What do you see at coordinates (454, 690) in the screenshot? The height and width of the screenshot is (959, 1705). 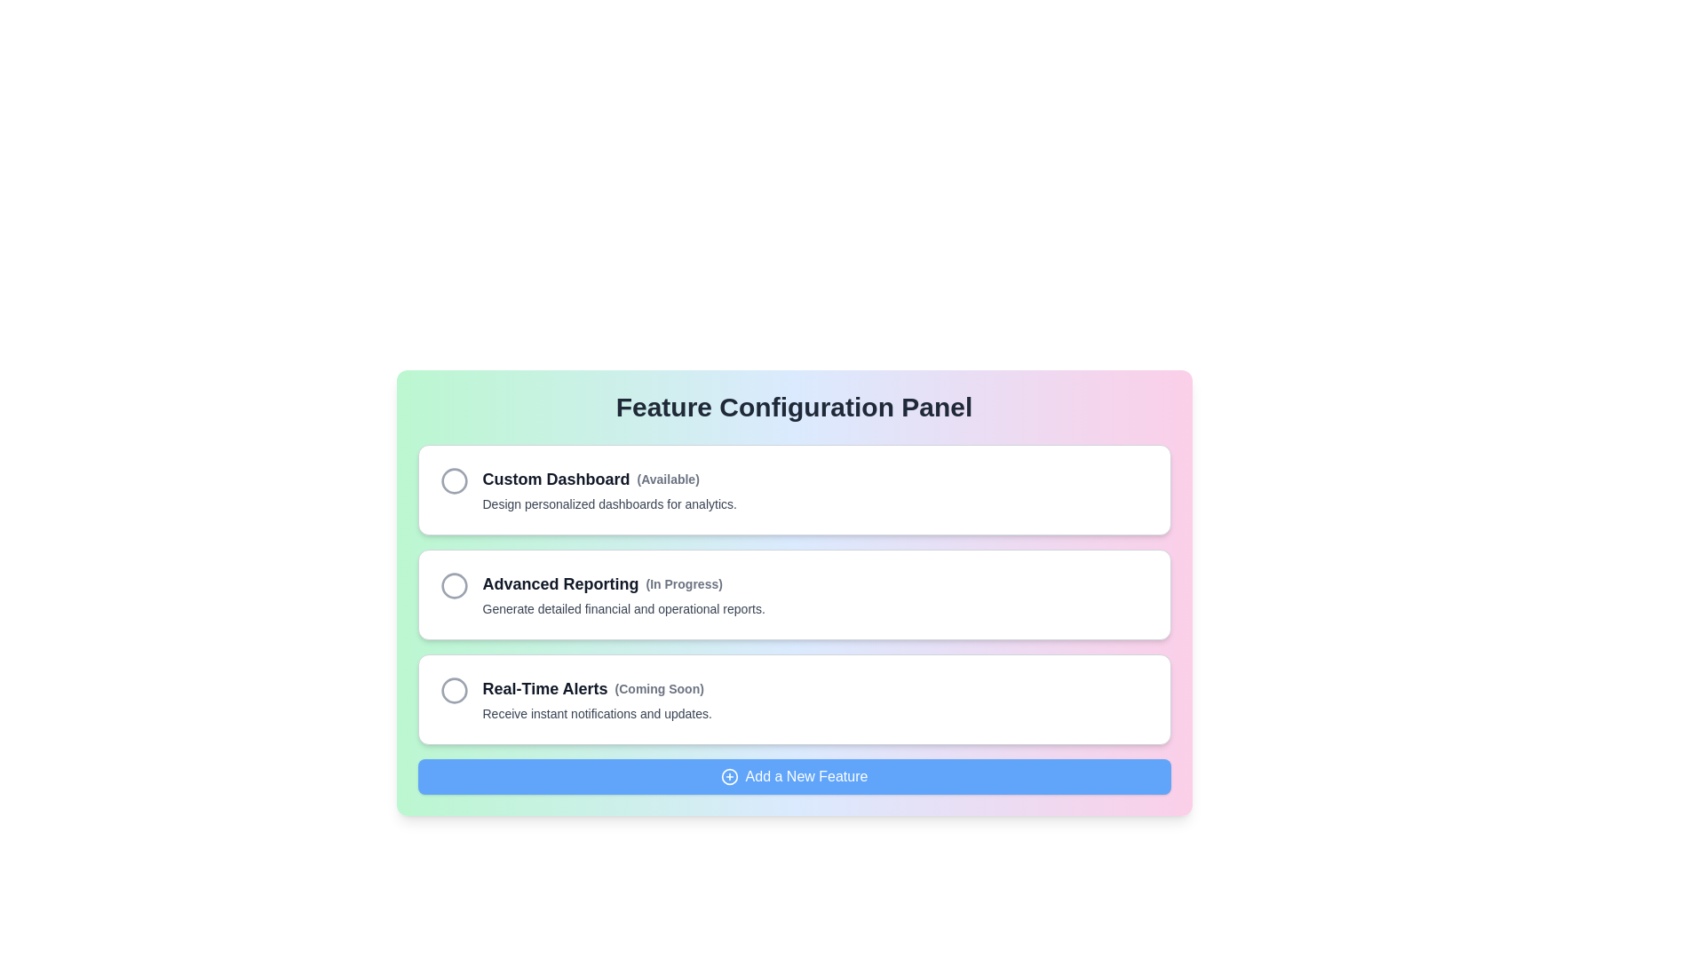 I see `the decorative circular element filled with light gray color, which is the inner circle of the 'Real-Time Alerts' icon in the configuration panel` at bounding box center [454, 690].